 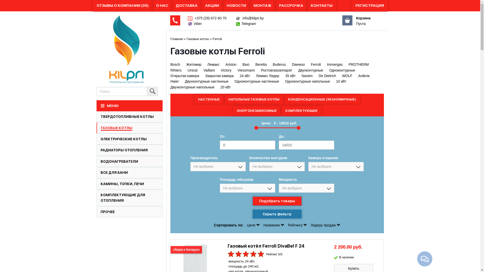 What do you see at coordinates (225, 64) in the screenshot?
I see `'Ariston'` at bounding box center [225, 64].